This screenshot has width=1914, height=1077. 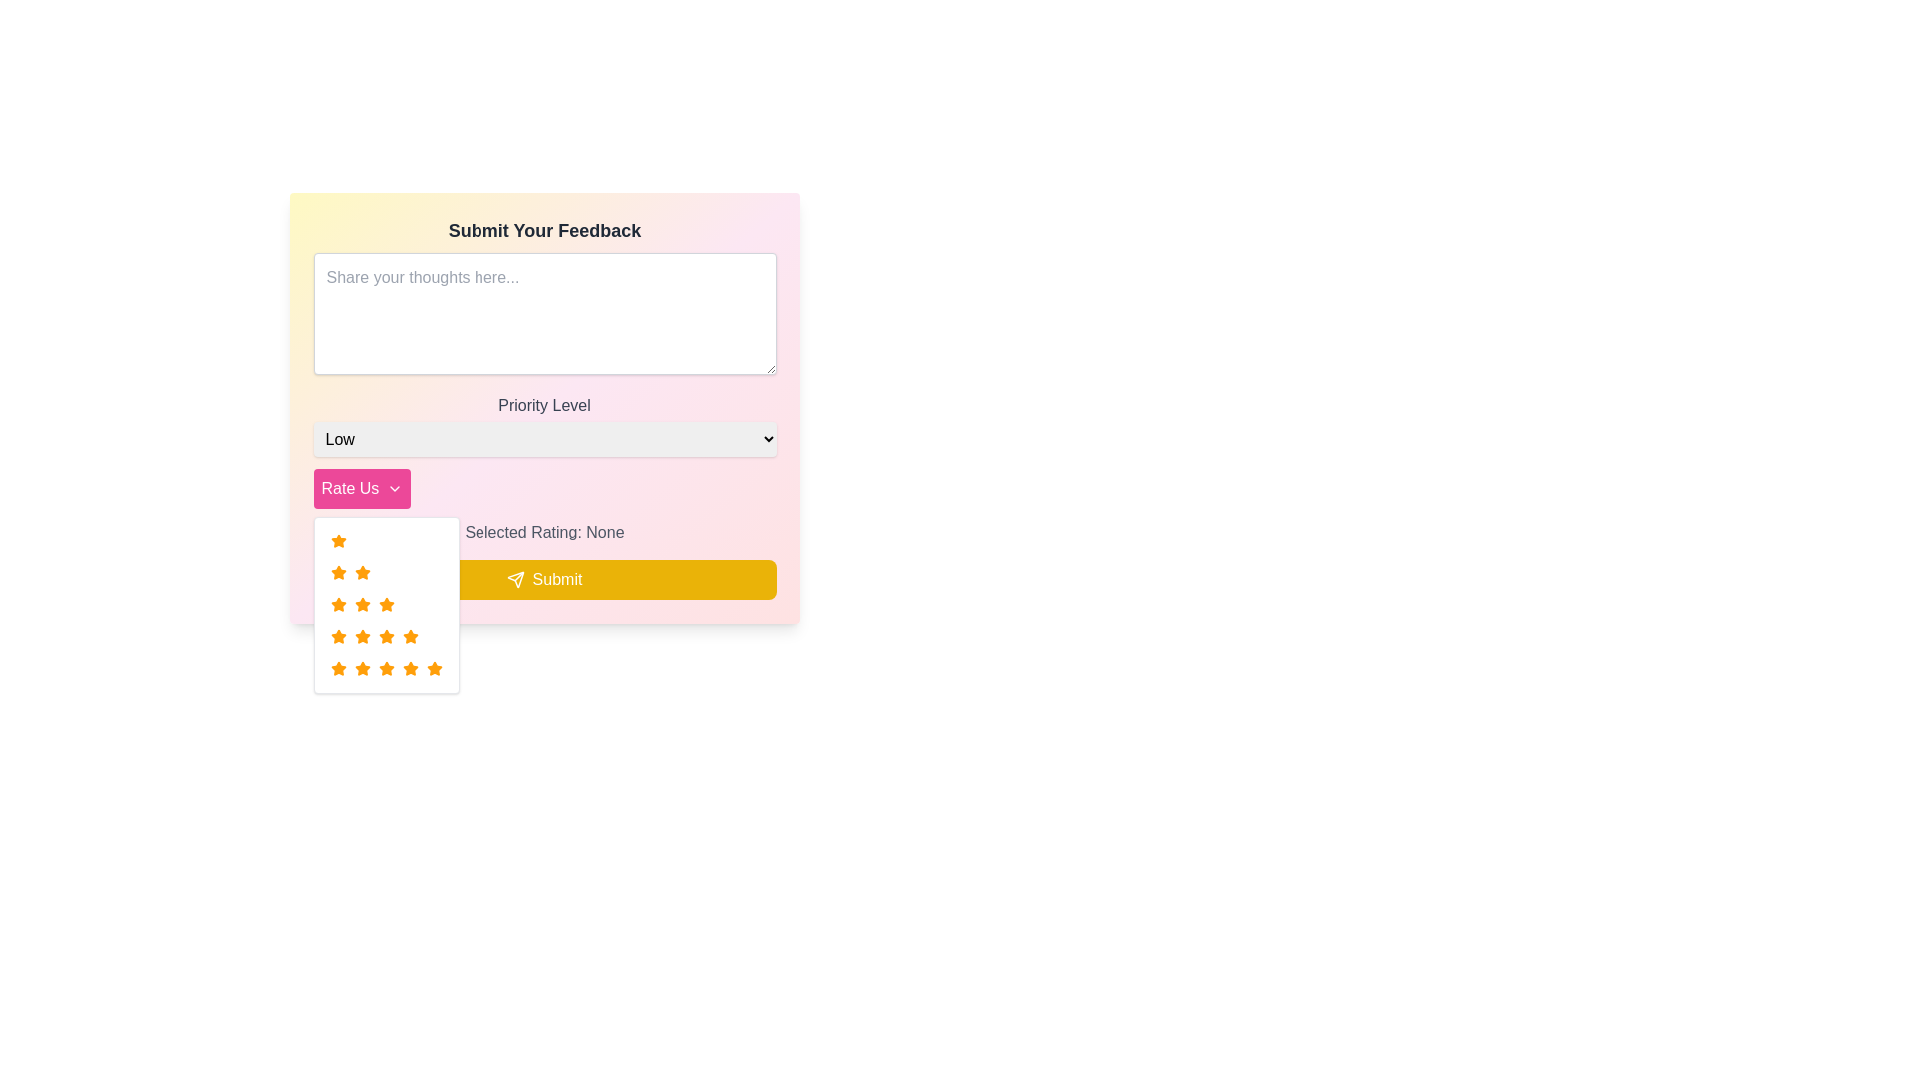 I want to click on the send icon outlined in white on the yellow 'Submit' button located in the lower section of the feedback form interface, so click(x=515, y=580).